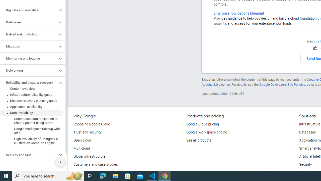 The width and height of the screenshot is (321, 181). Describe the element at coordinates (28, 82) in the screenshot. I see `'Reliability and disaster recovery'` at that location.